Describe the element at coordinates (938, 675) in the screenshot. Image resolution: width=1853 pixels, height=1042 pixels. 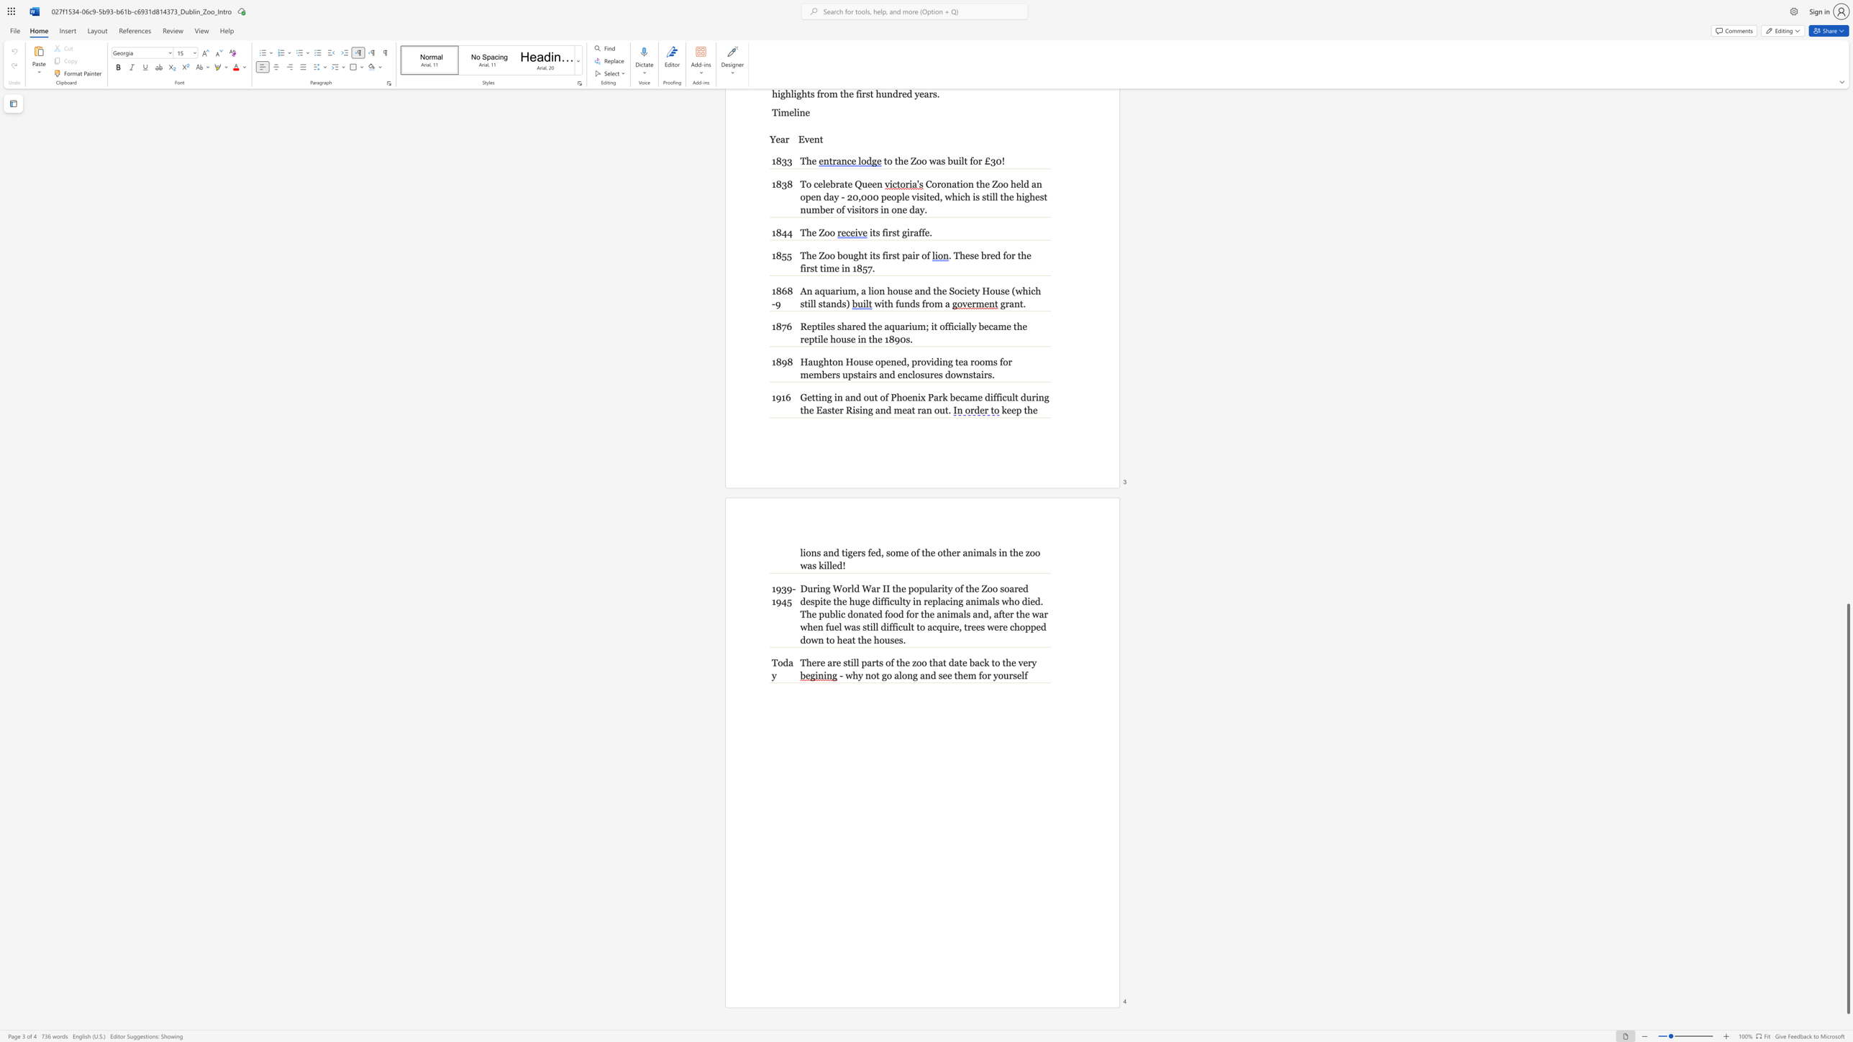
I see `the subset text "see them for yo" within the text "- why not go along and see them for yourself"` at that location.